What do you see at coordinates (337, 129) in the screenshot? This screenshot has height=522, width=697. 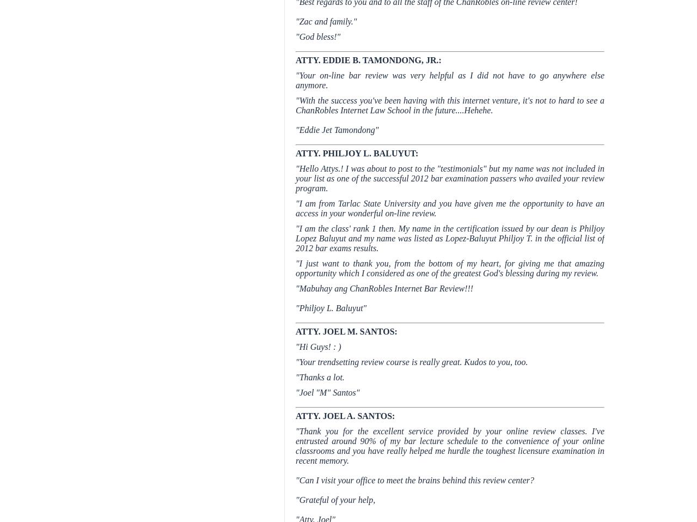 I see `'"Eddie Jet Tamondong"'` at bounding box center [337, 129].